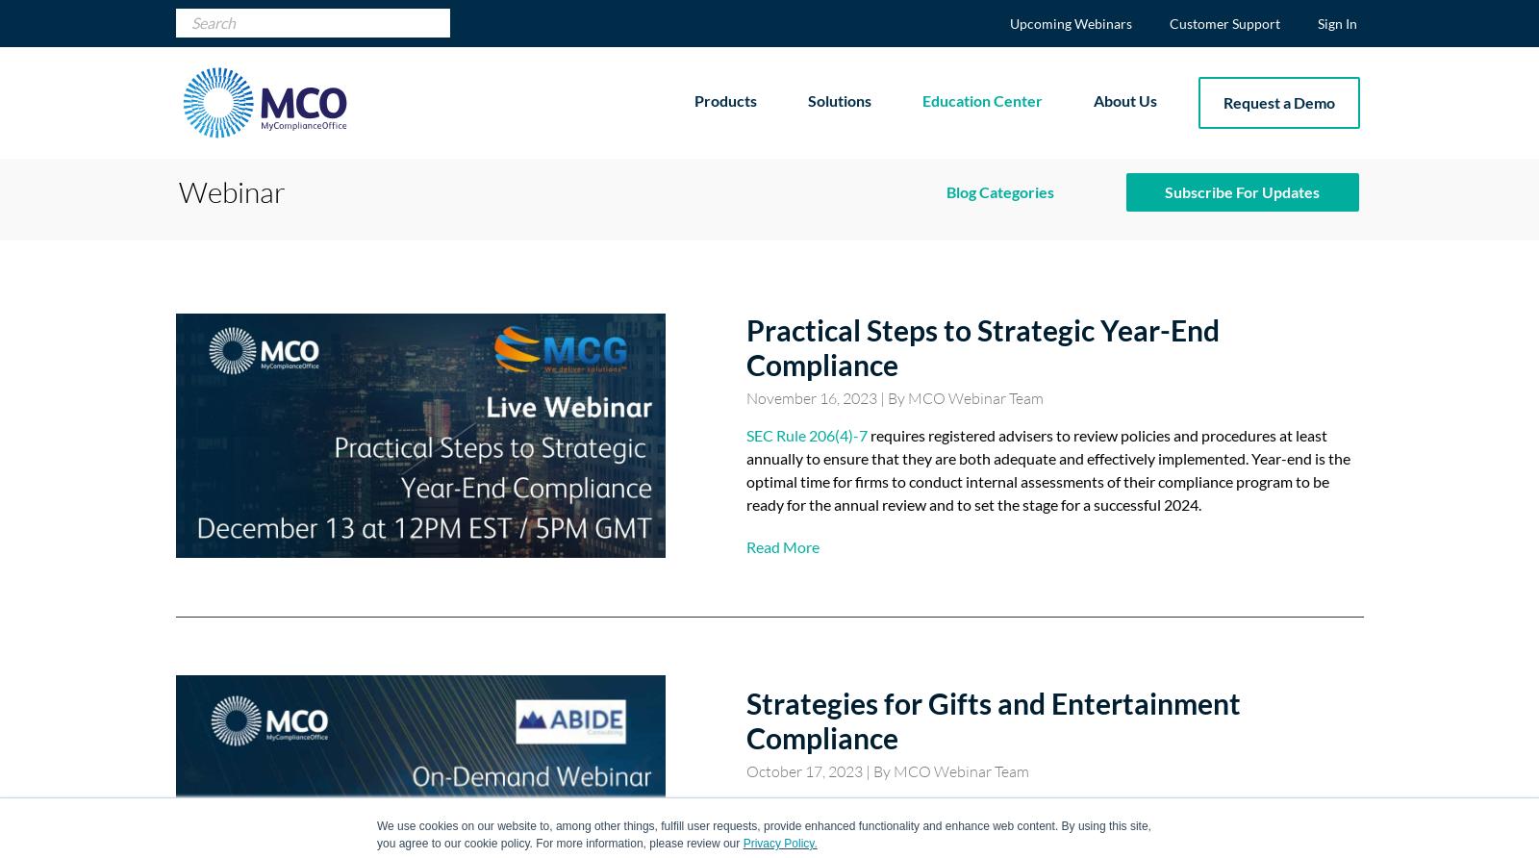 This screenshot has height=858, width=1539. Describe the element at coordinates (752, 807) in the screenshot. I see `'A'` at that location.